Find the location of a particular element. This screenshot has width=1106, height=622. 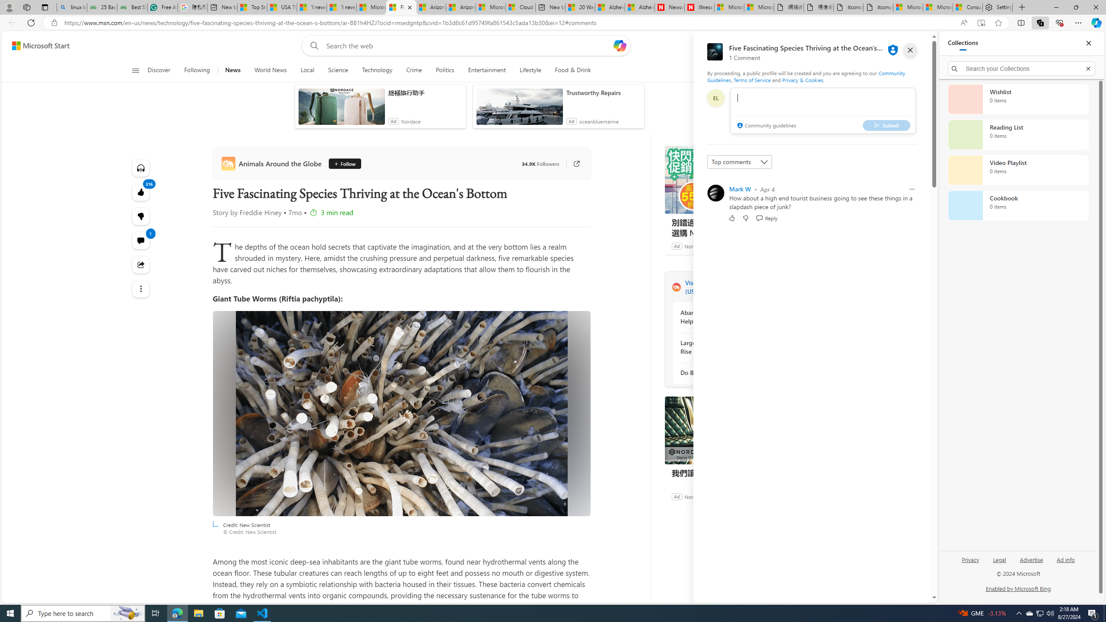

'Video Playlist collection, 0 items' is located at coordinates (1018, 169).